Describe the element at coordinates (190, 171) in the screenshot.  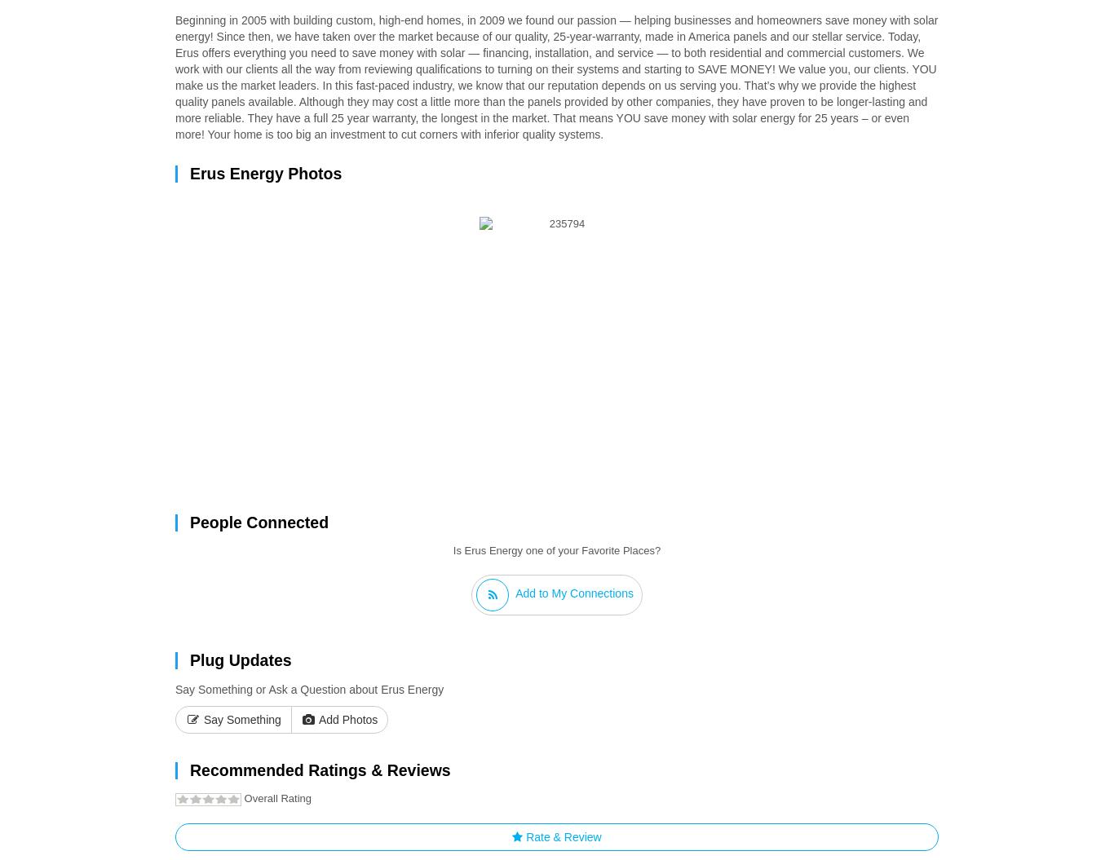
I see `'Erus Energy Photos'` at that location.